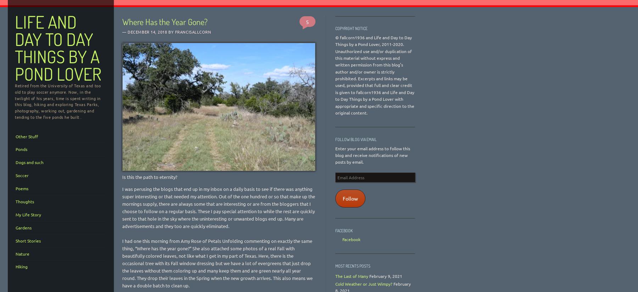 This screenshot has width=638, height=292. Describe the element at coordinates (351, 28) in the screenshot. I see `'Copyright Notice'` at that location.